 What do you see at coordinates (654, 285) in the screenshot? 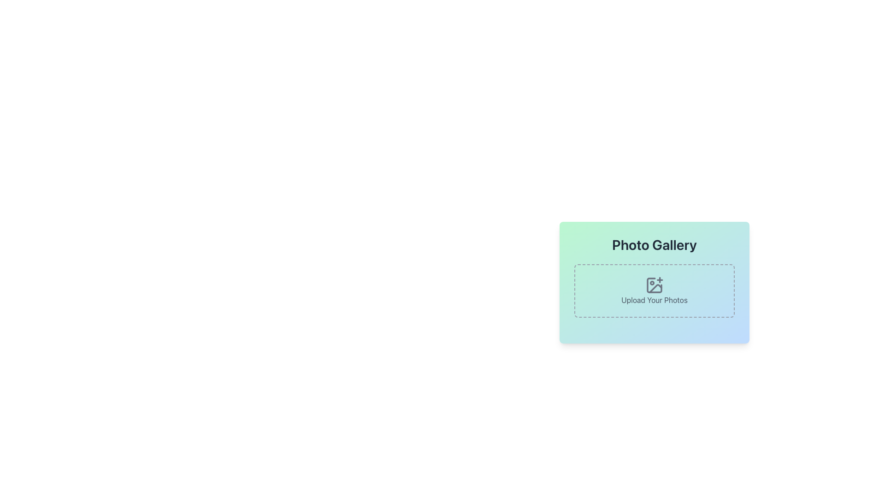
I see `the central icon for adding or uploading images, which is located above the text 'Upload Your Photos' within a dashed-bordered rectangular section` at bounding box center [654, 285].